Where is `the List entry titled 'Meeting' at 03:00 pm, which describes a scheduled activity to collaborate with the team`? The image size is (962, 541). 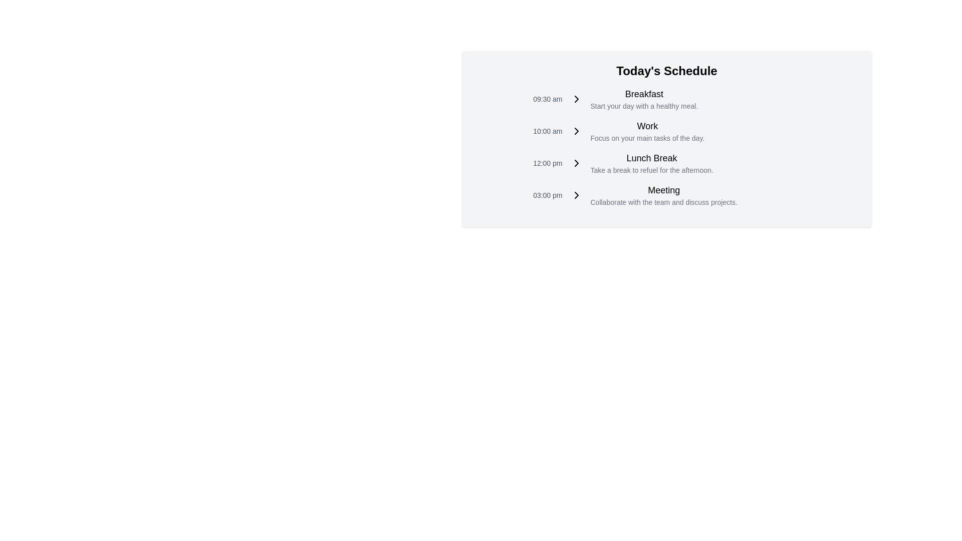
the List entry titled 'Meeting' at 03:00 pm, which describes a scheduled activity to collaborate with the team is located at coordinates (666, 195).